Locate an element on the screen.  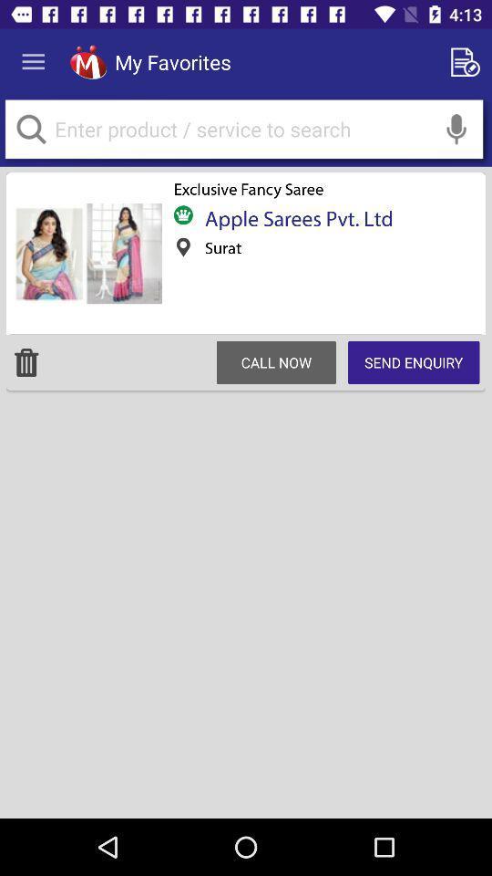
item below surat is located at coordinates (275, 361).